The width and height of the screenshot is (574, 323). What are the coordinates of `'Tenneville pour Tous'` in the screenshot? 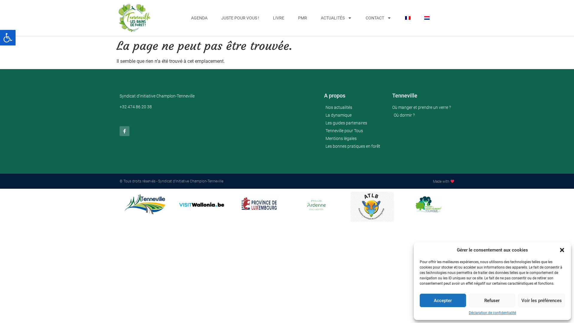 It's located at (355, 130).